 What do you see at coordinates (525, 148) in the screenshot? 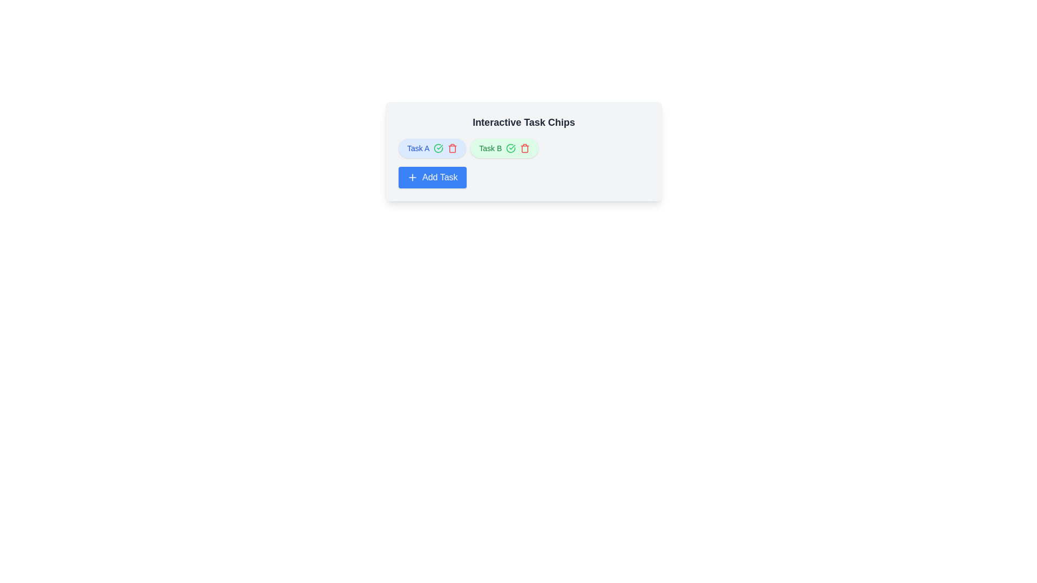
I see `the red trash icon delete button, which is aligned to the far right of the 'Task B' chip, to observe the styling change indicating interactivity` at bounding box center [525, 148].